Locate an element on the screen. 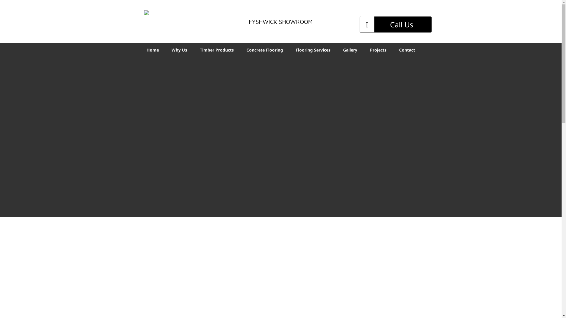 The image size is (566, 318). 'Concrete Flooring' is located at coordinates (264, 49).